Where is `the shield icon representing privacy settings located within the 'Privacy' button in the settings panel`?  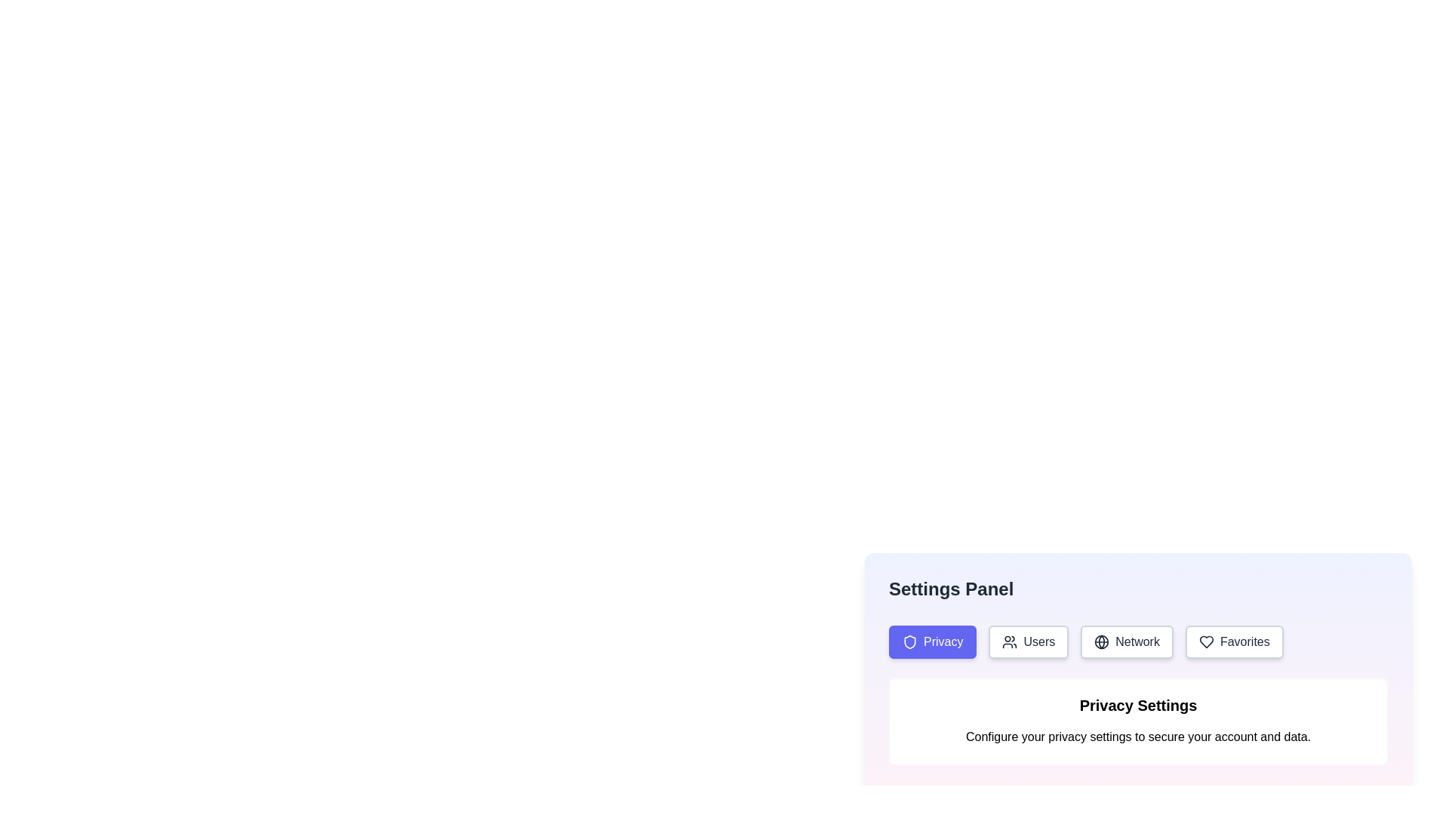 the shield icon representing privacy settings located within the 'Privacy' button in the settings panel is located at coordinates (909, 642).